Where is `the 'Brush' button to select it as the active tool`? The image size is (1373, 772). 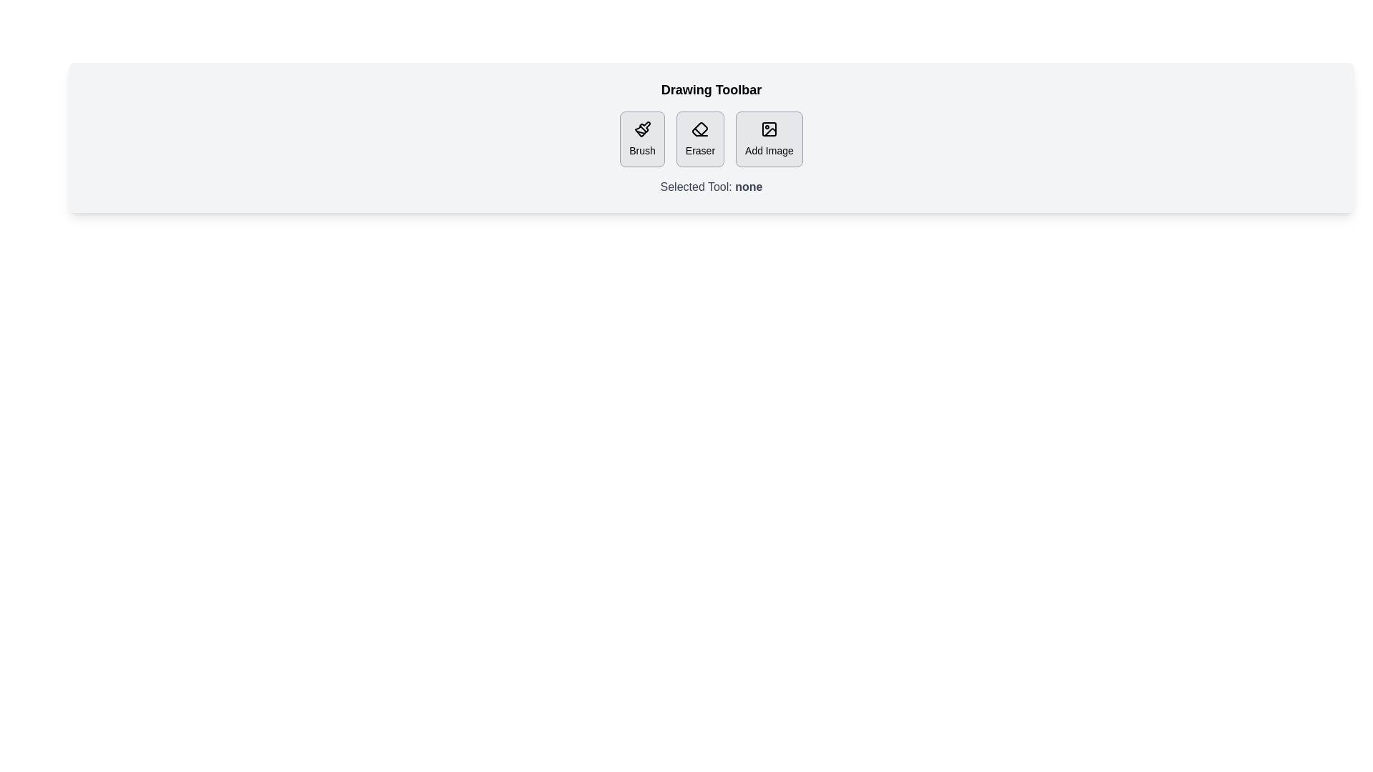
the 'Brush' button to select it as the active tool is located at coordinates (641, 139).